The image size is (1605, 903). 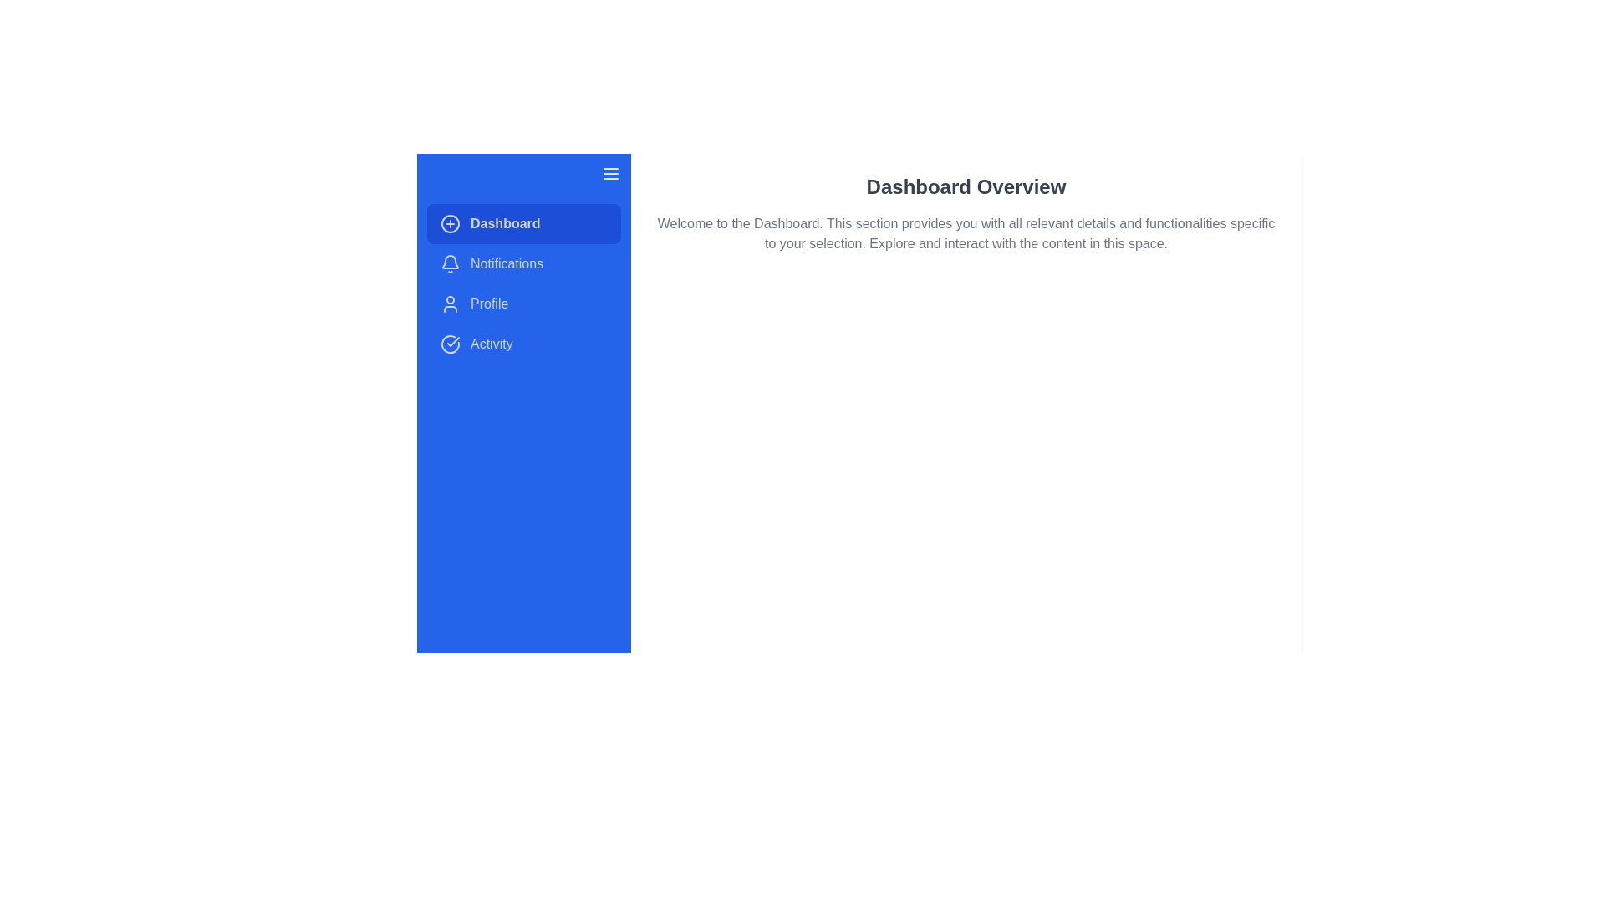 What do you see at coordinates (609, 174) in the screenshot?
I see `the toggle button in the sidebar to toggle its visibility` at bounding box center [609, 174].